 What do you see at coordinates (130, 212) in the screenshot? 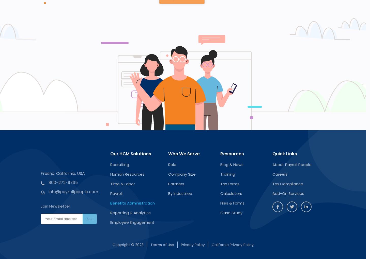
I see `'Reporting & Analytics'` at bounding box center [130, 212].